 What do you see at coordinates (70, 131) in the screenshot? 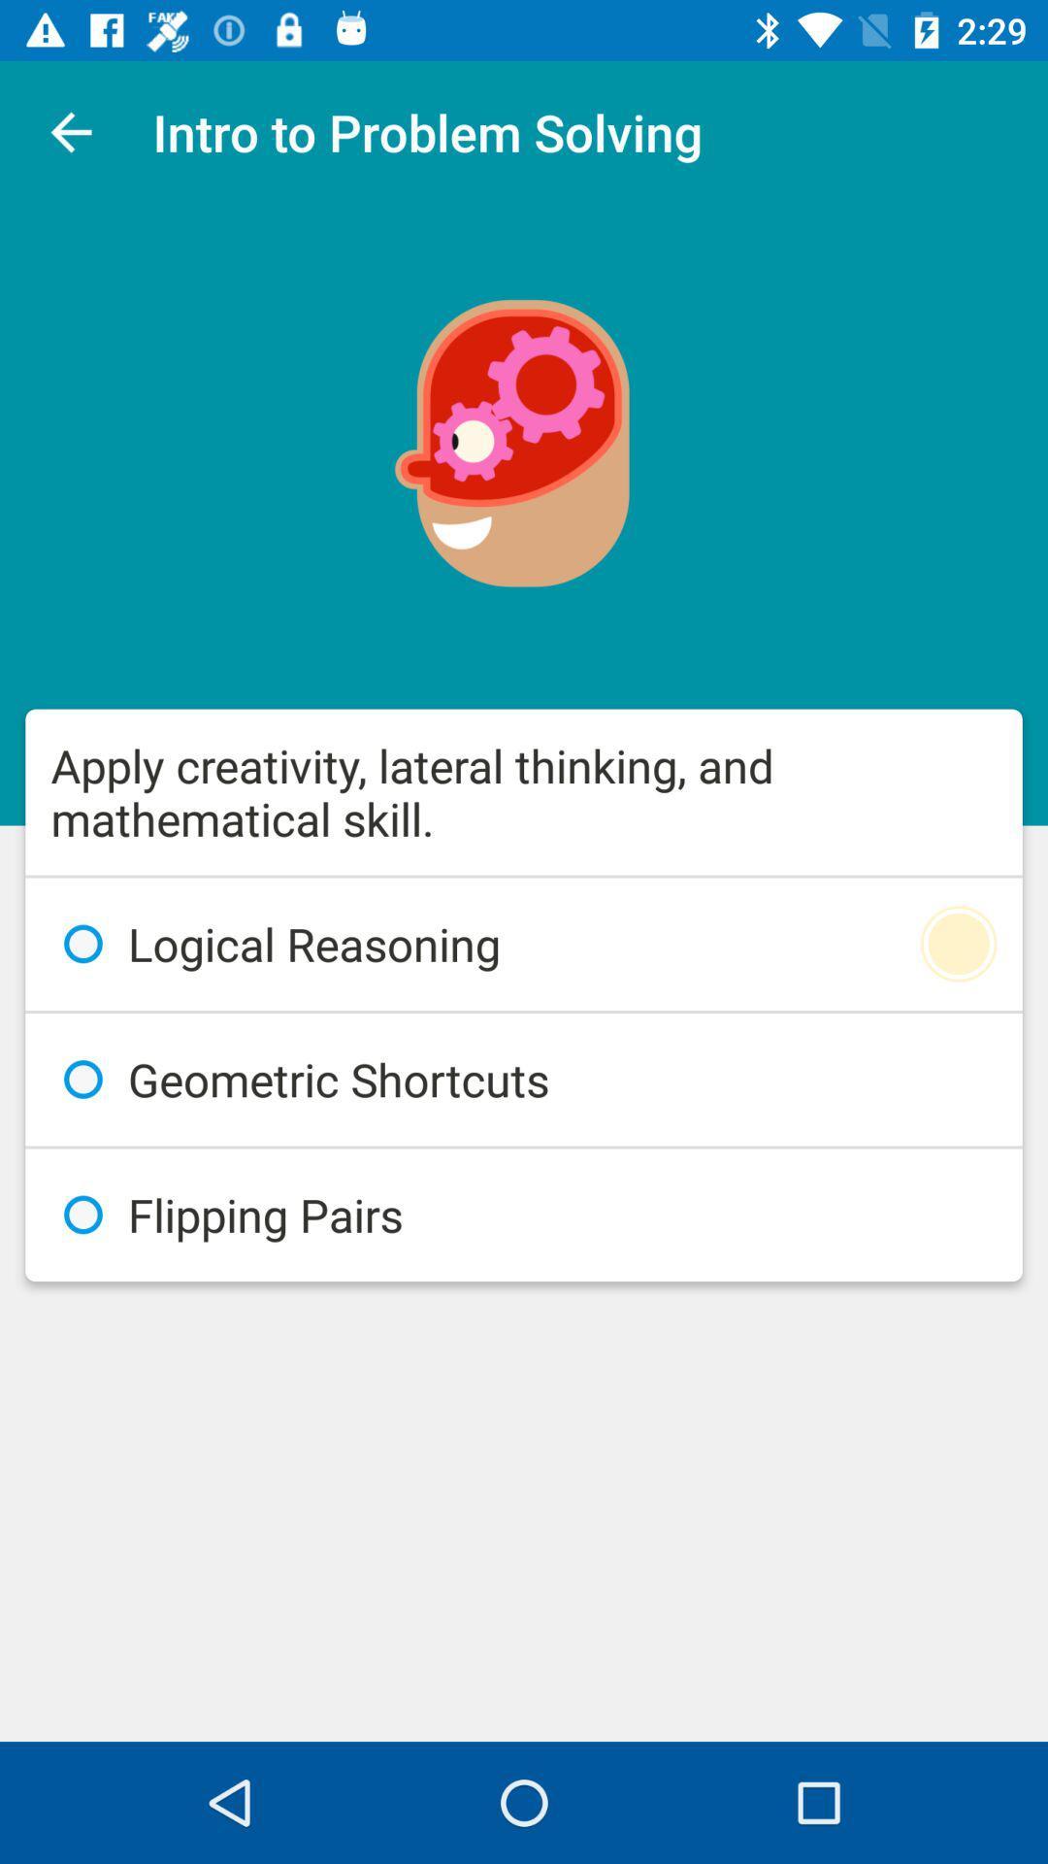
I see `icon to the left of the intro to problem icon` at bounding box center [70, 131].